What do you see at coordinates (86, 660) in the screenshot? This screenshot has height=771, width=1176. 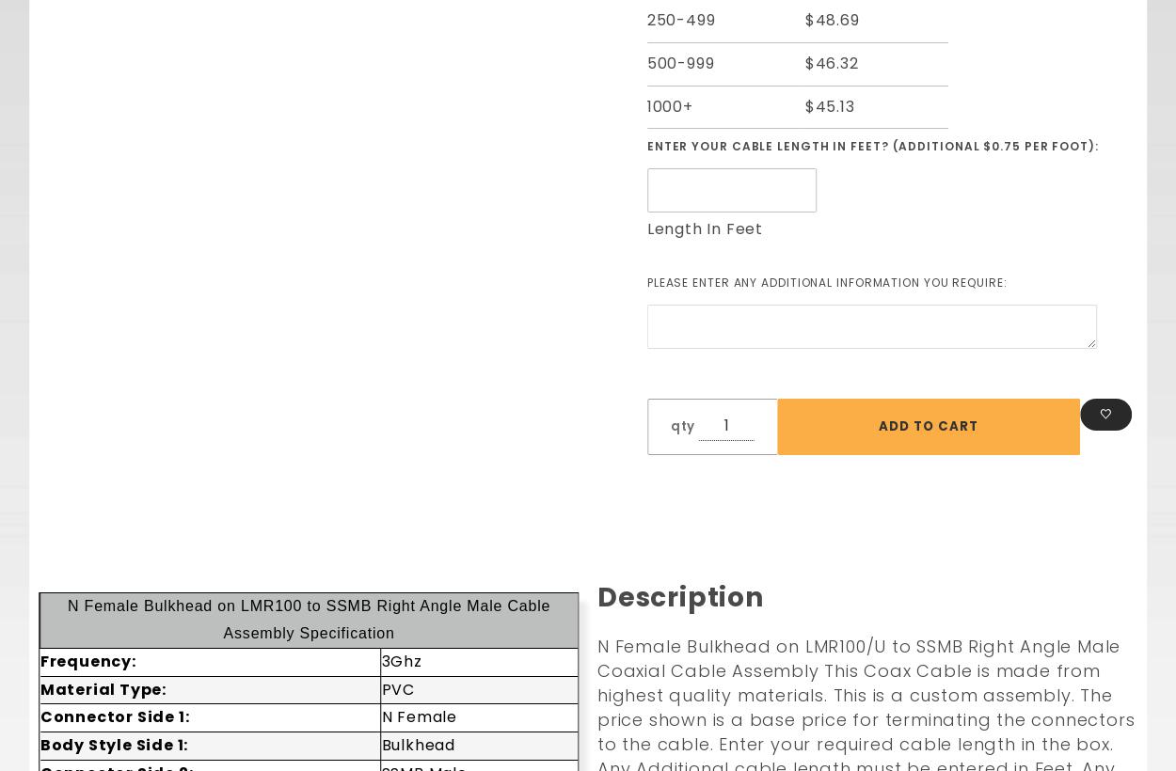 I see `'Frequency:'` at bounding box center [86, 660].